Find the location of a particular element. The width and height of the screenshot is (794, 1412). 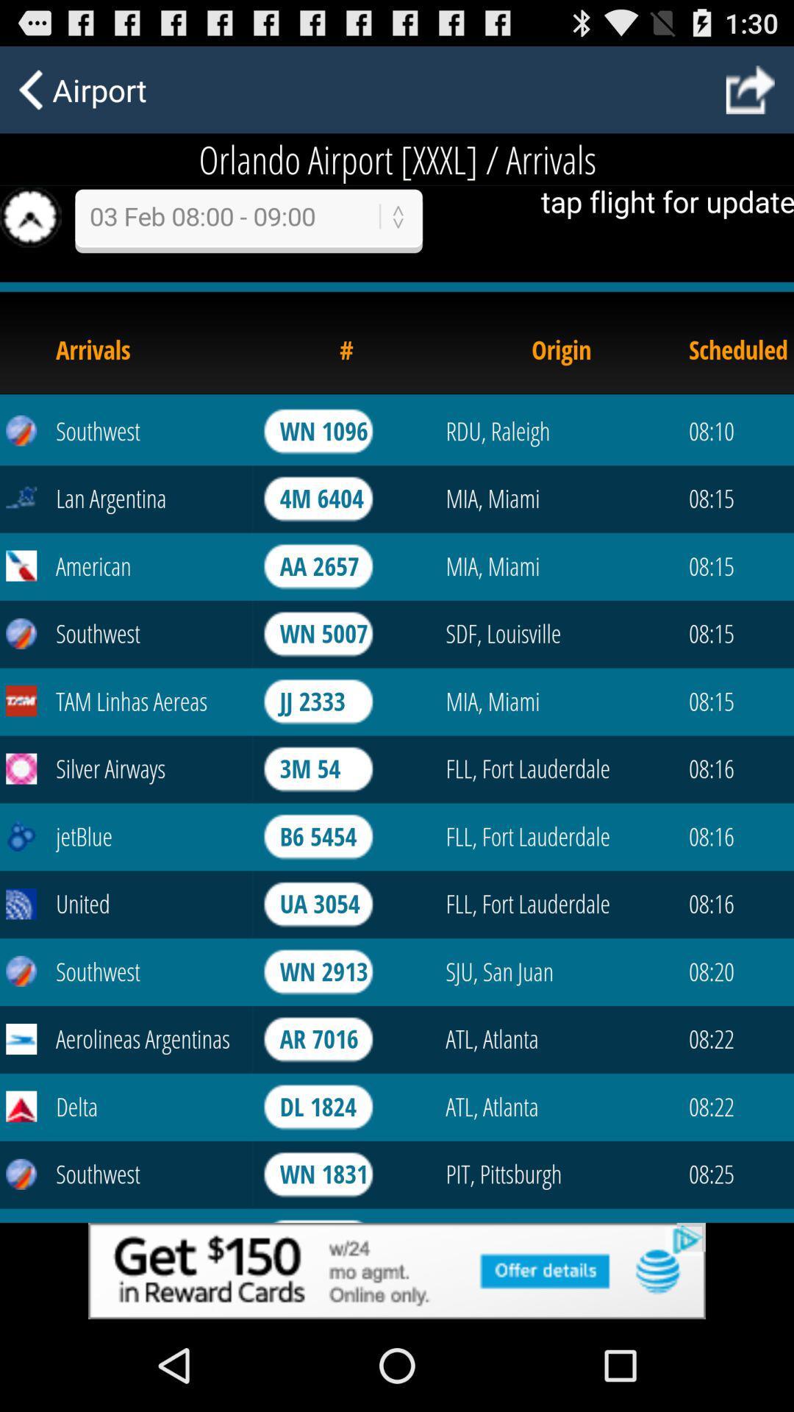

refresh page is located at coordinates (397, 677).